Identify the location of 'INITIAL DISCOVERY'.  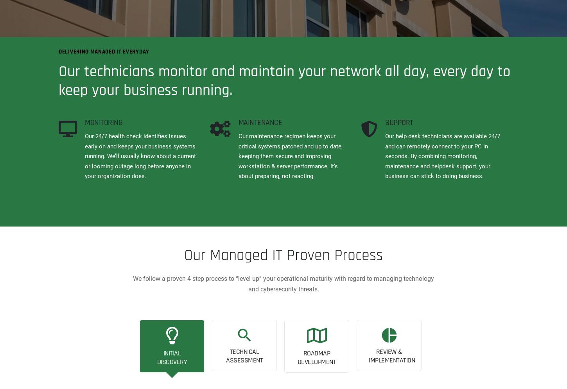
(171, 357).